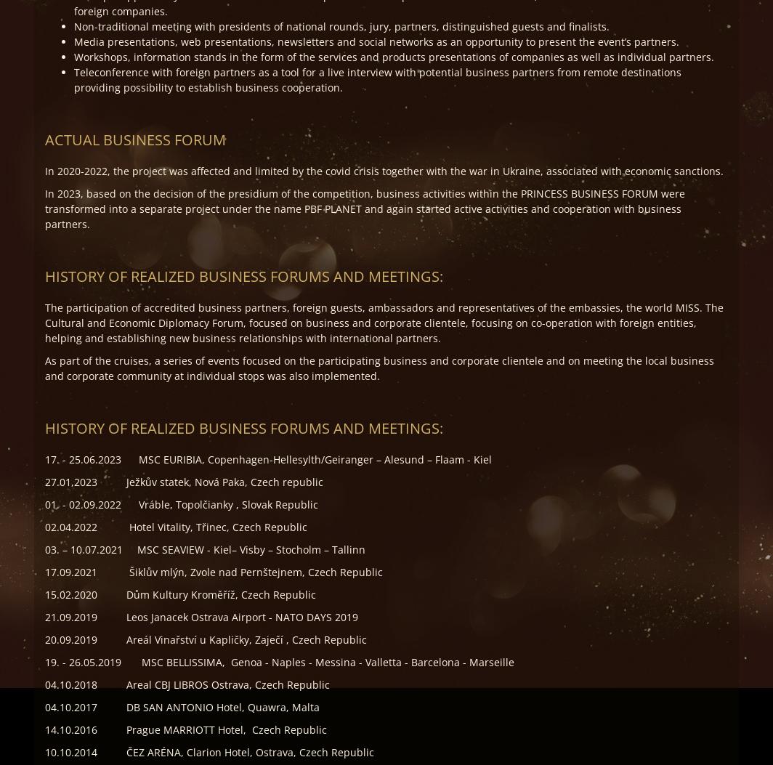  What do you see at coordinates (279, 661) in the screenshot?
I see `'19. - 26.05.2019       MSC BELLISSIMA,  Genoa - Naples - Messina - Valletta - Barcelona - Marseille'` at bounding box center [279, 661].